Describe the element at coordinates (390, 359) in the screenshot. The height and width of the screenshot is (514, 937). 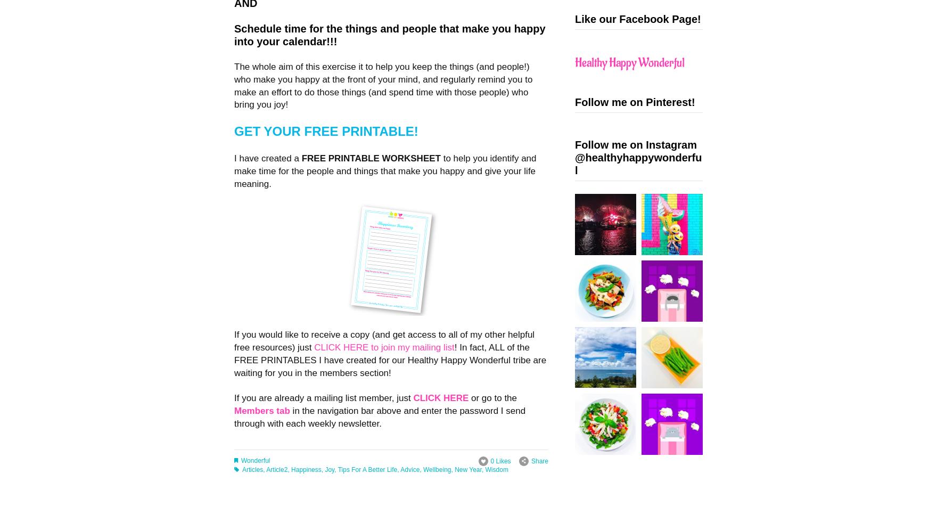
I see `'! In fact, ALL of the FREE PRINTABLES I have created for our Healthy Happy Wonderful tribe are waiting for you in the members section!'` at that location.